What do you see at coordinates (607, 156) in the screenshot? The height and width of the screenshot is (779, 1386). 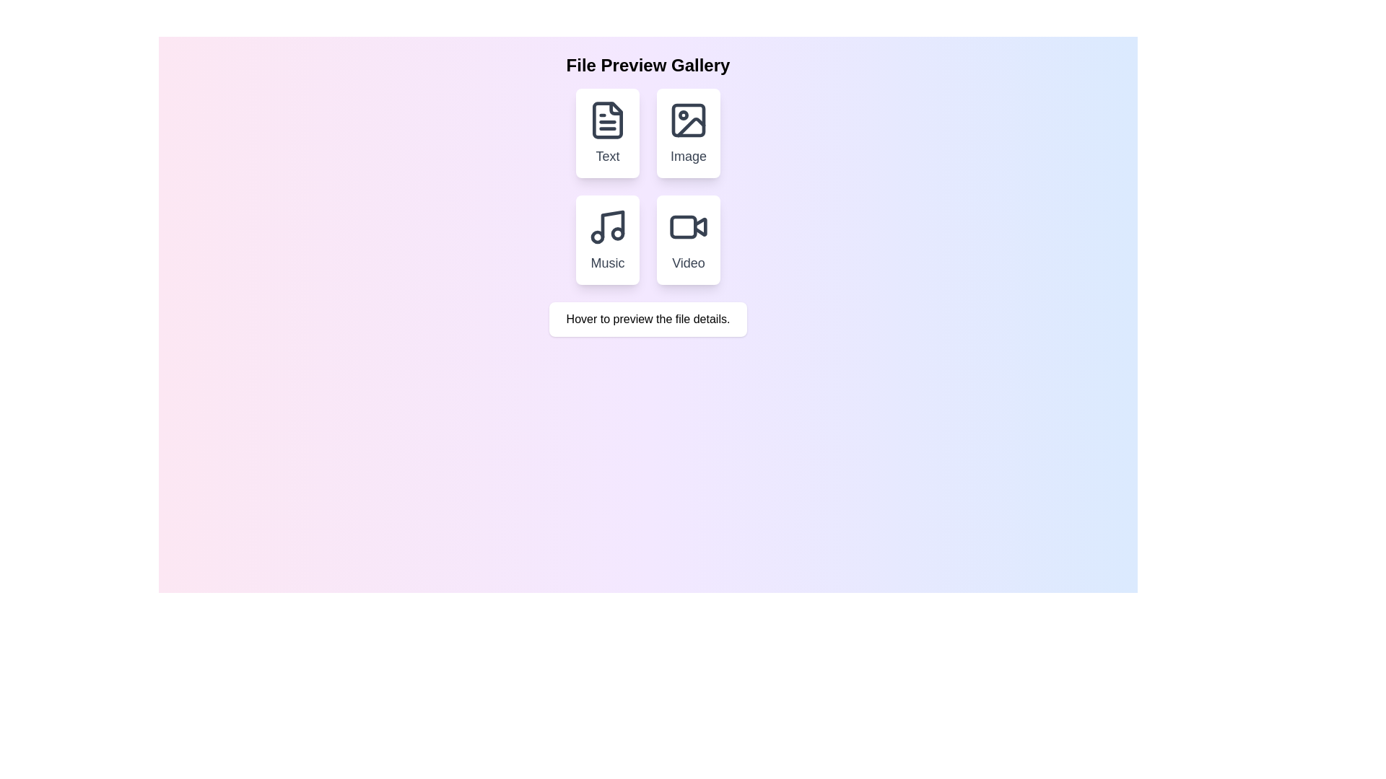 I see `text label located at the bottom of the first card in the 'File Preview Gallery' section to understand its content or functionality` at bounding box center [607, 156].